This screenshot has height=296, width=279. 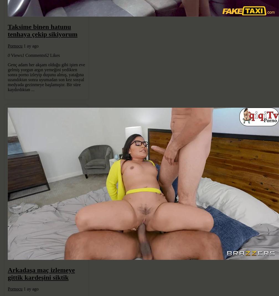 I want to click on '0', so click(x=9, y=55).